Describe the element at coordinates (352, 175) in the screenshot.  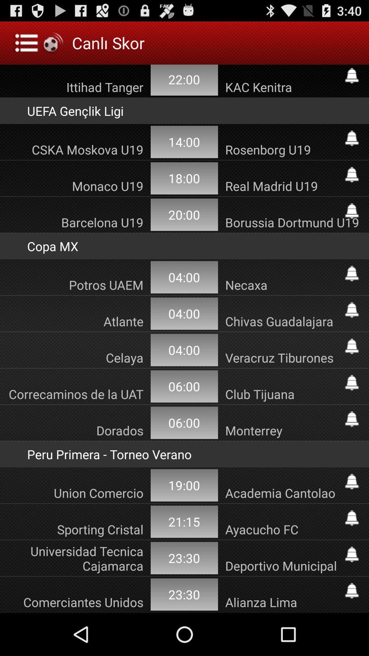
I see `alarm button` at that location.